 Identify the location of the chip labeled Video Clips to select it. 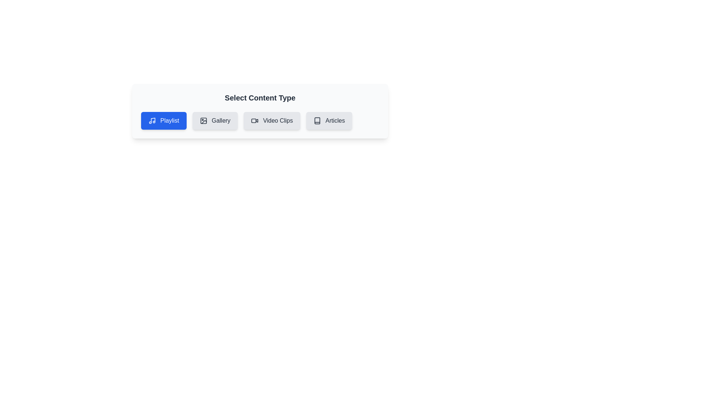
(271, 120).